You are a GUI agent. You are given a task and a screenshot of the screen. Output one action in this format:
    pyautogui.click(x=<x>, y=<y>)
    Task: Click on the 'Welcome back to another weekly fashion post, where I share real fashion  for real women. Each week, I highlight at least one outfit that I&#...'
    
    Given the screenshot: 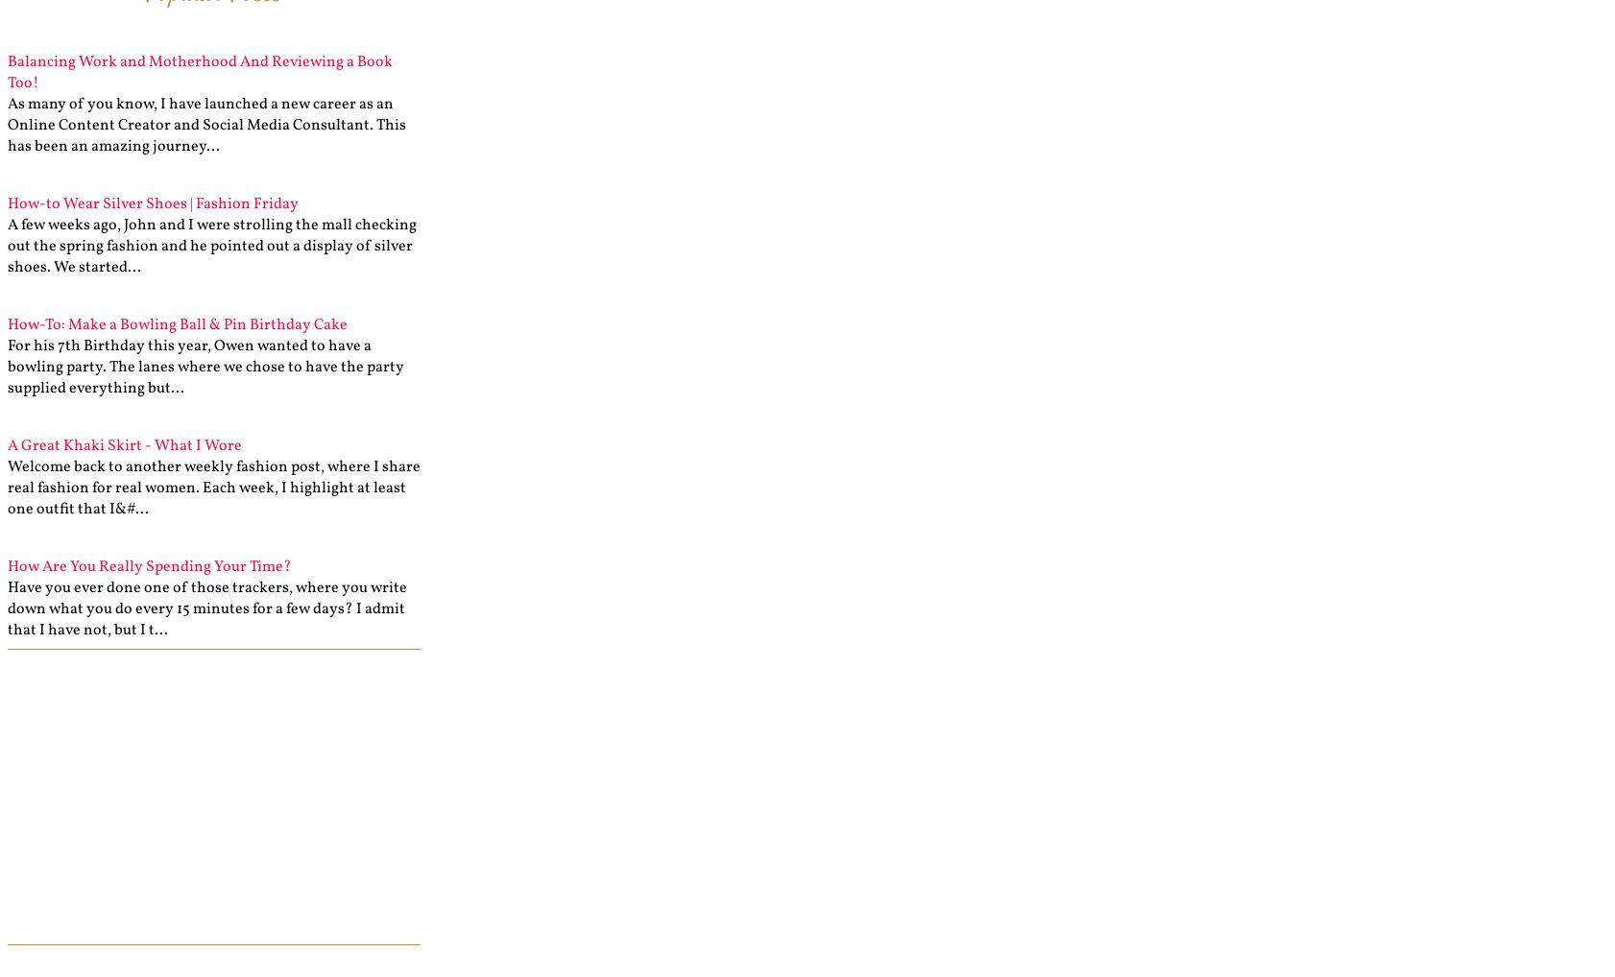 What is the action you would take?
    pyautogui.click(x=7, y=488)
    